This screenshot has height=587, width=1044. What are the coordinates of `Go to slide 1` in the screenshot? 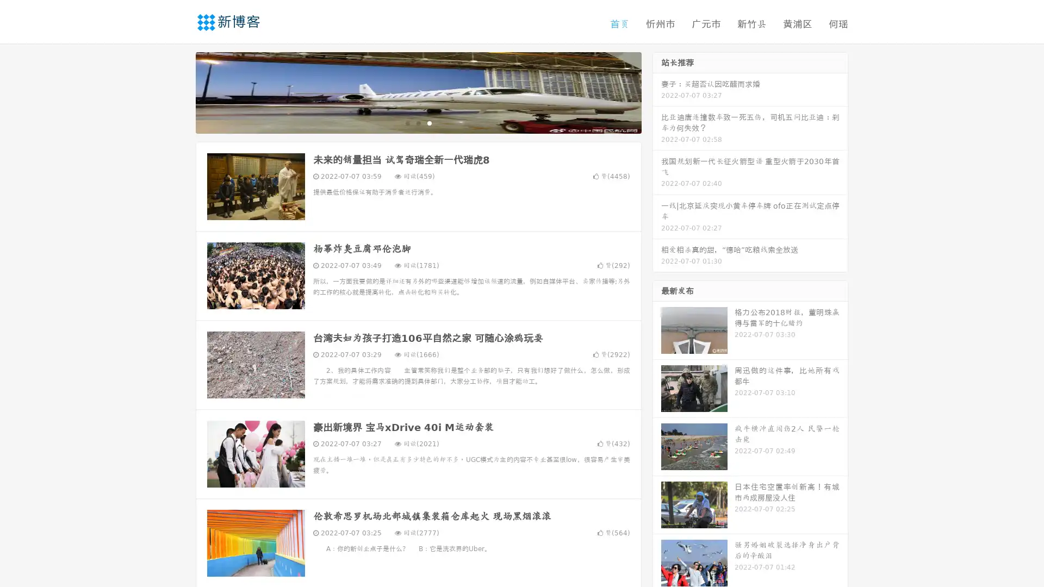 It's located at (407, 122).